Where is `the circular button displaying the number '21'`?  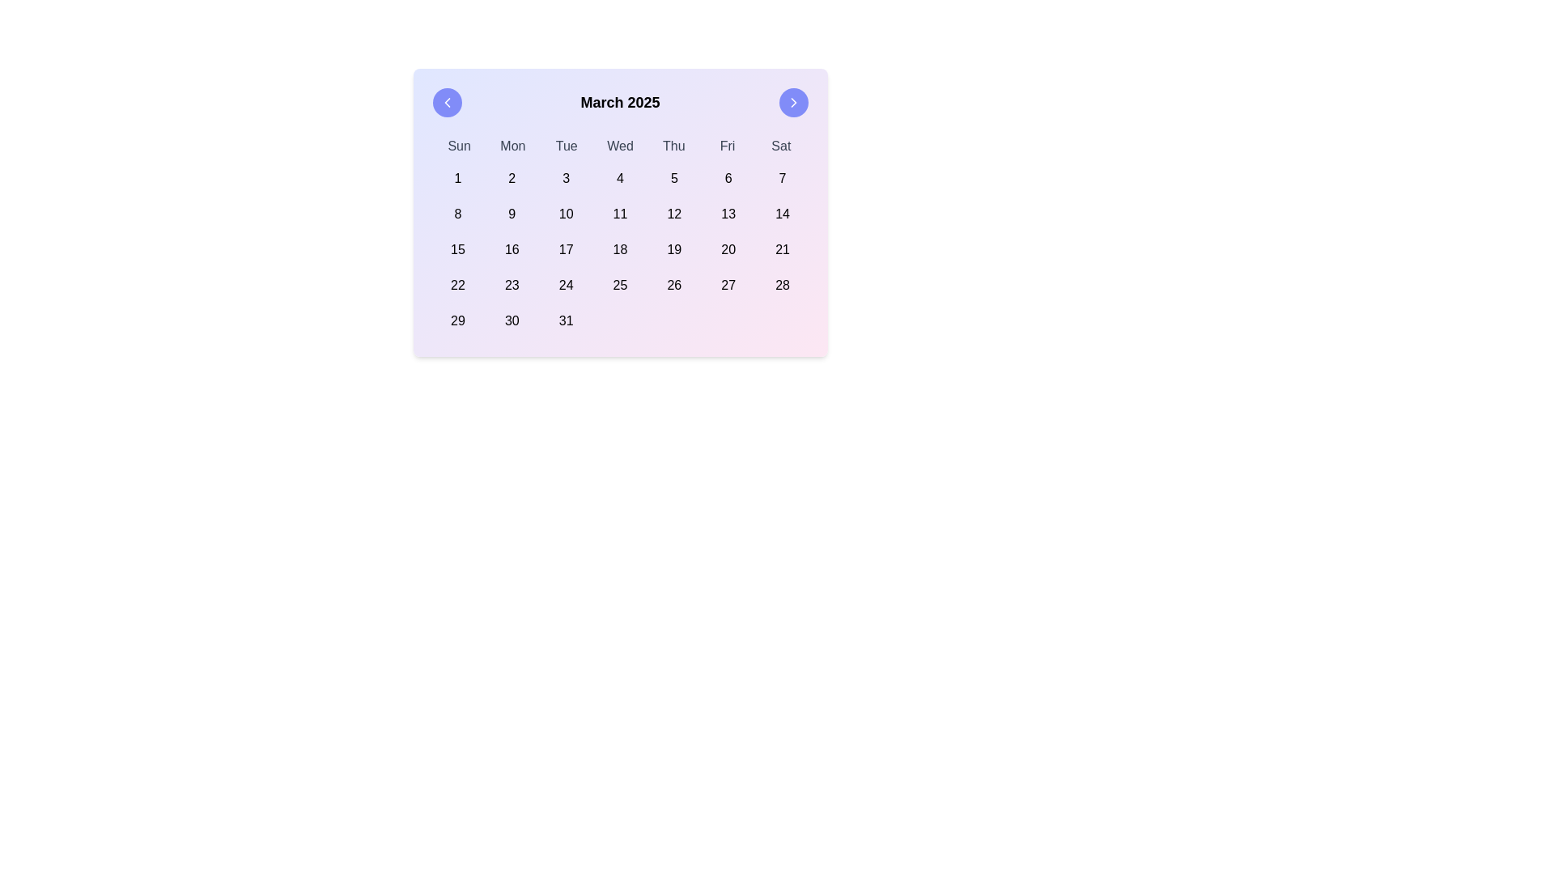
the circular button displaying the number '21' is located at coordinates (782, 249).